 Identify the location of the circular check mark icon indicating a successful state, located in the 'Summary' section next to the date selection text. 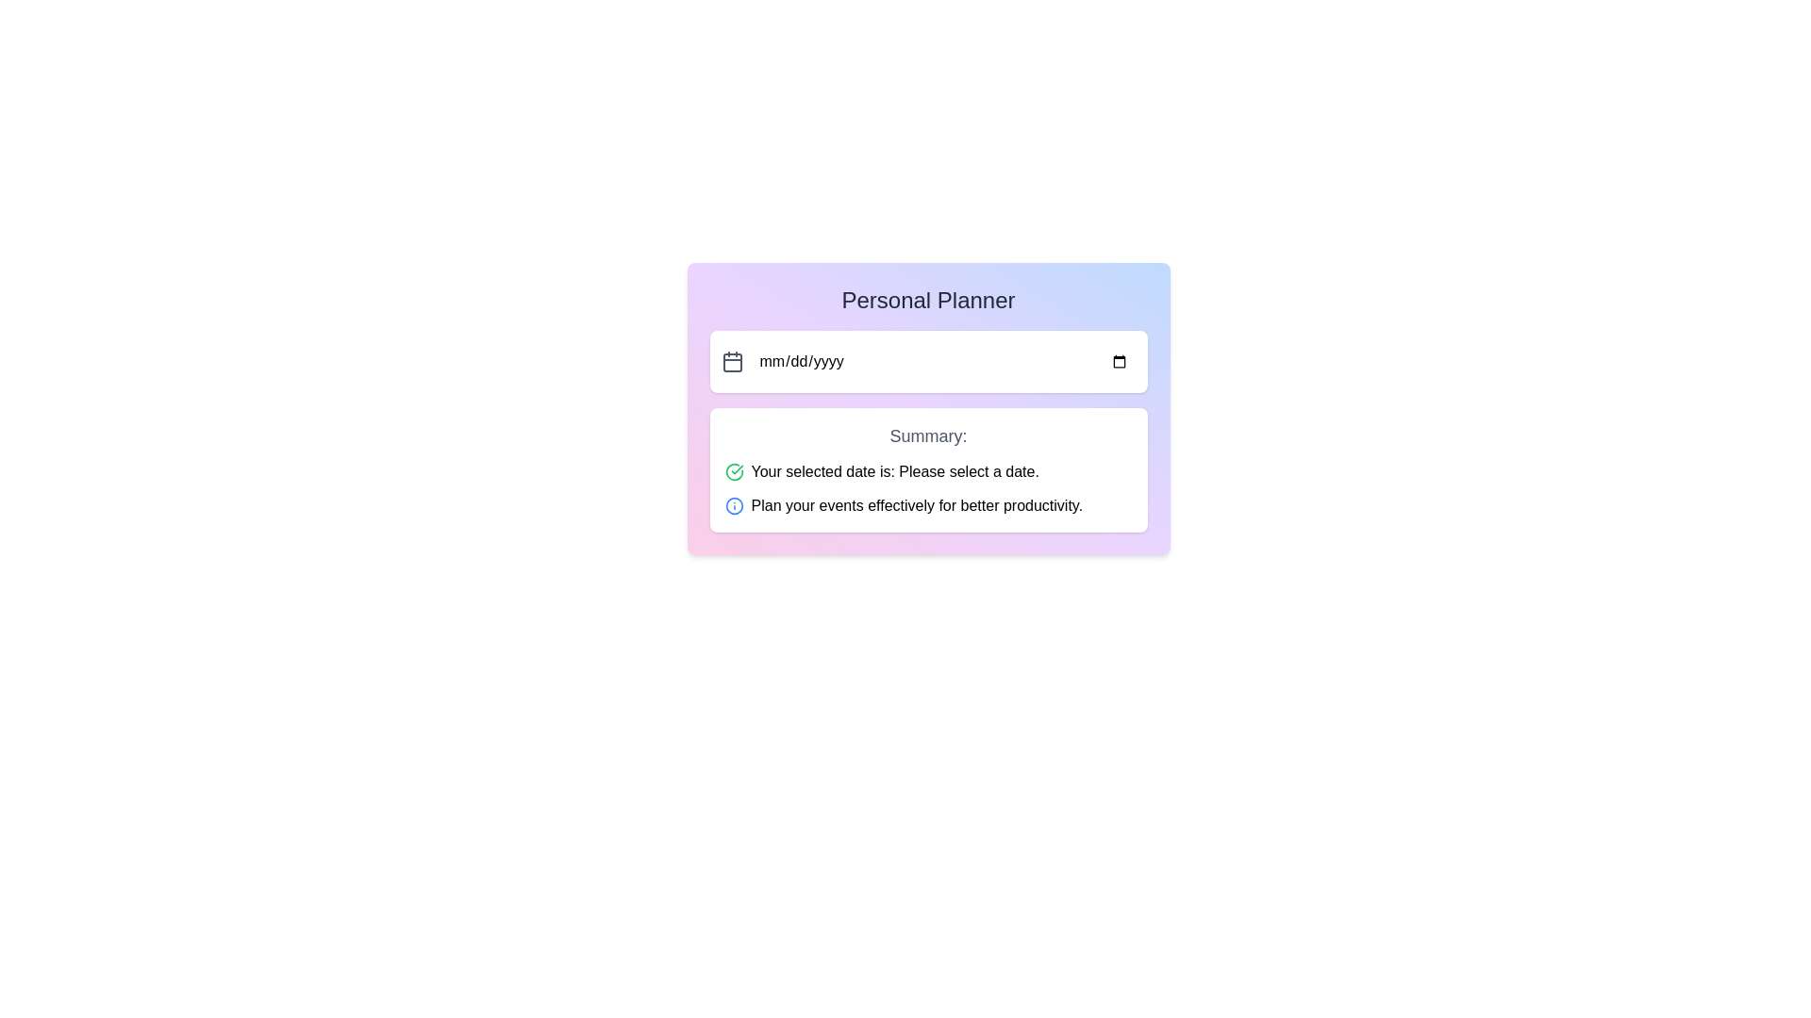
(733, 471).